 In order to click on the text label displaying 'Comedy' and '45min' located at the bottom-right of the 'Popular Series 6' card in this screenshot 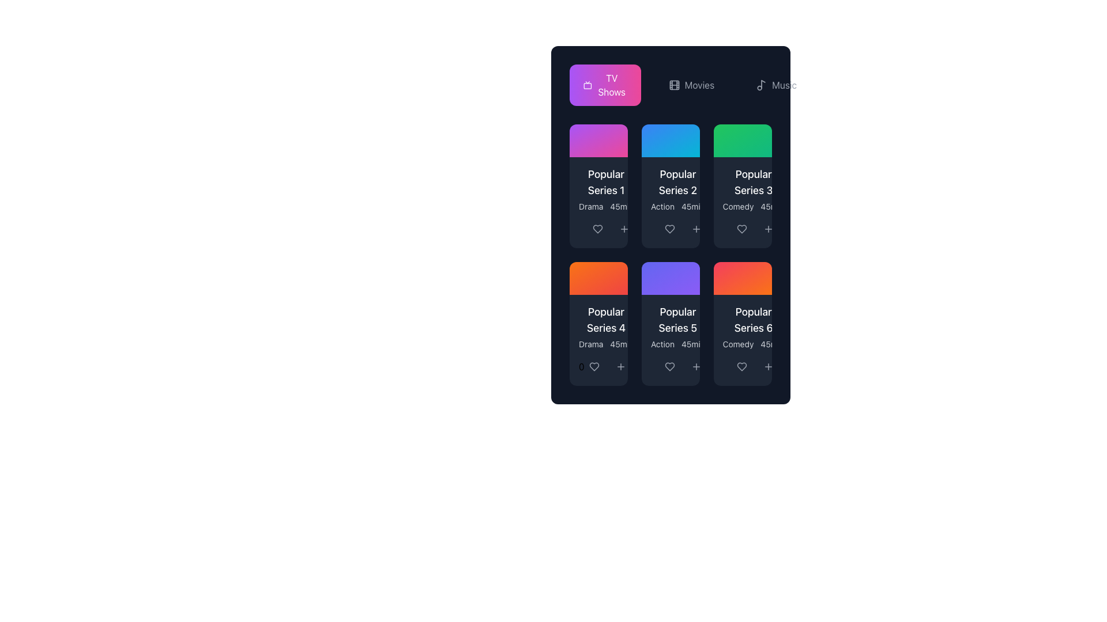, I will do `click(754, 343)`.